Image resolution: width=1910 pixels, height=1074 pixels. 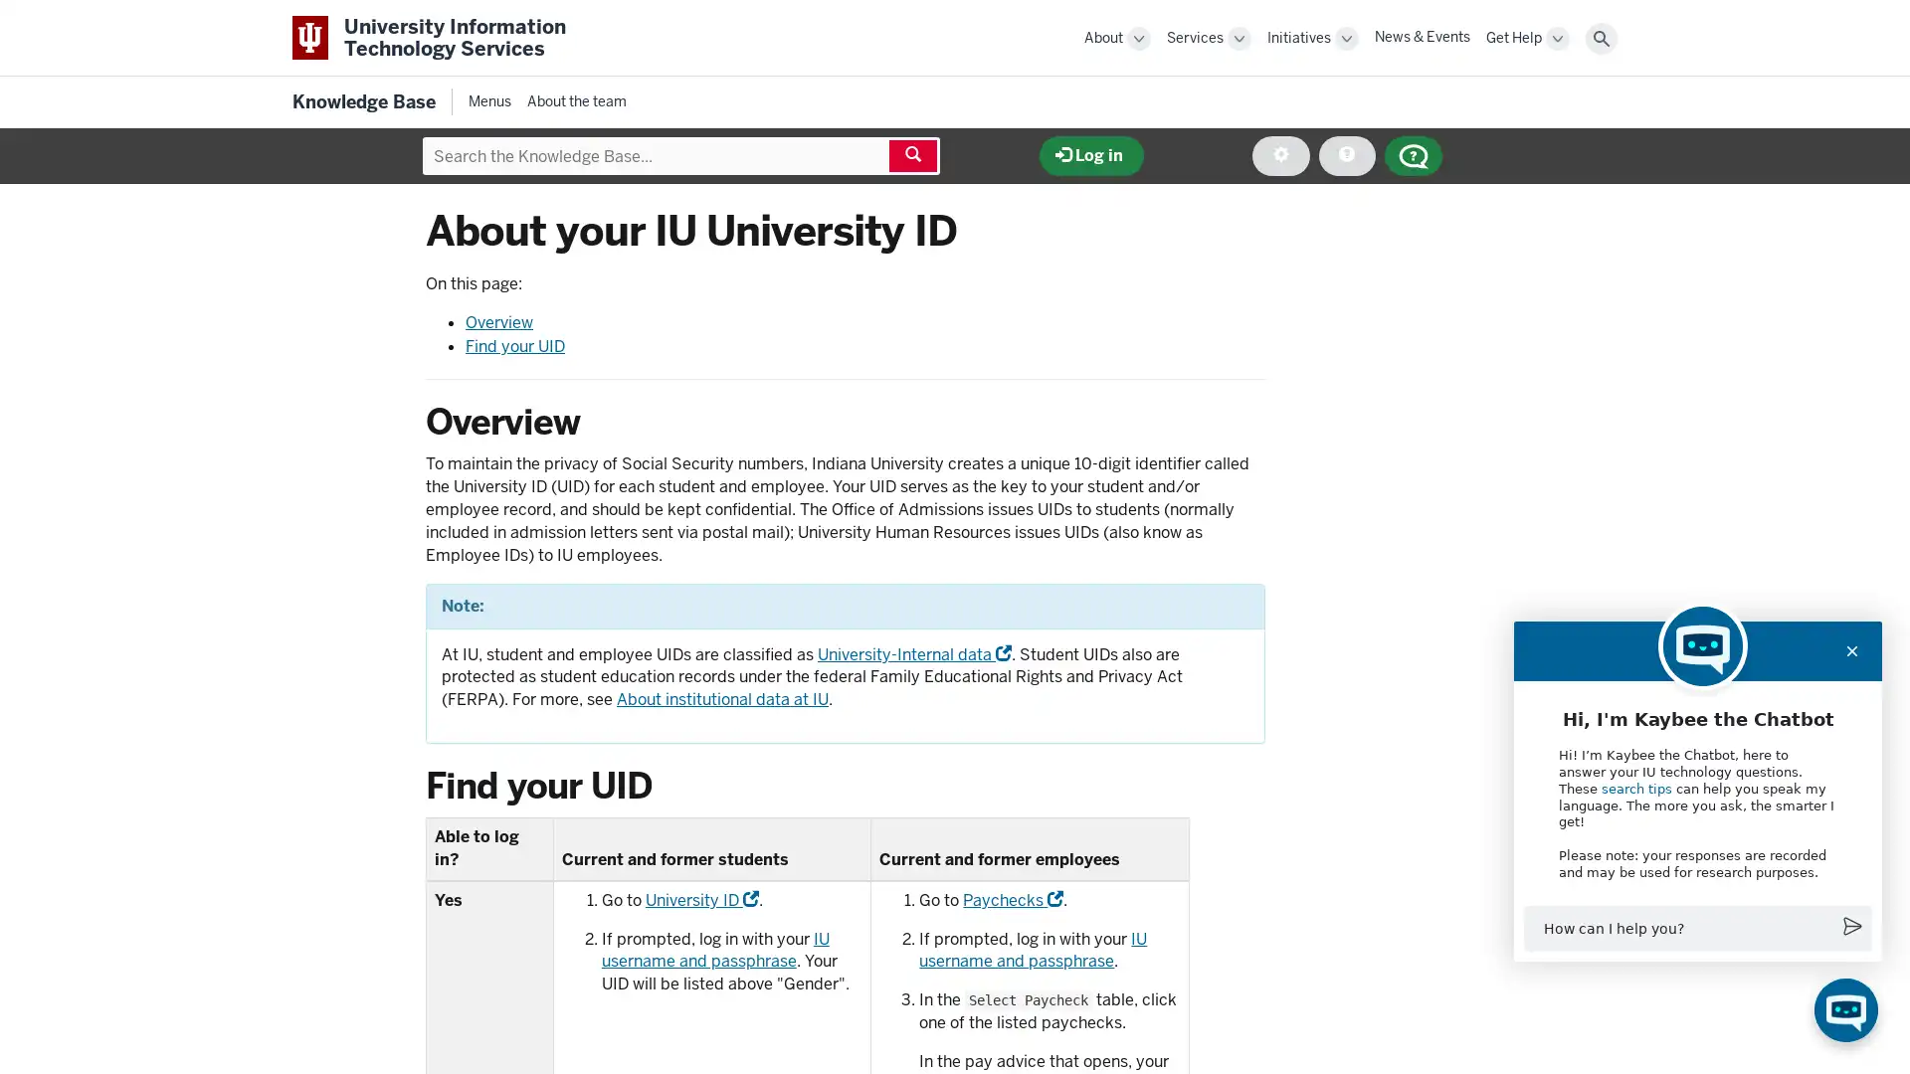 I want to click on Close chat, so click(x=1851, y=650).